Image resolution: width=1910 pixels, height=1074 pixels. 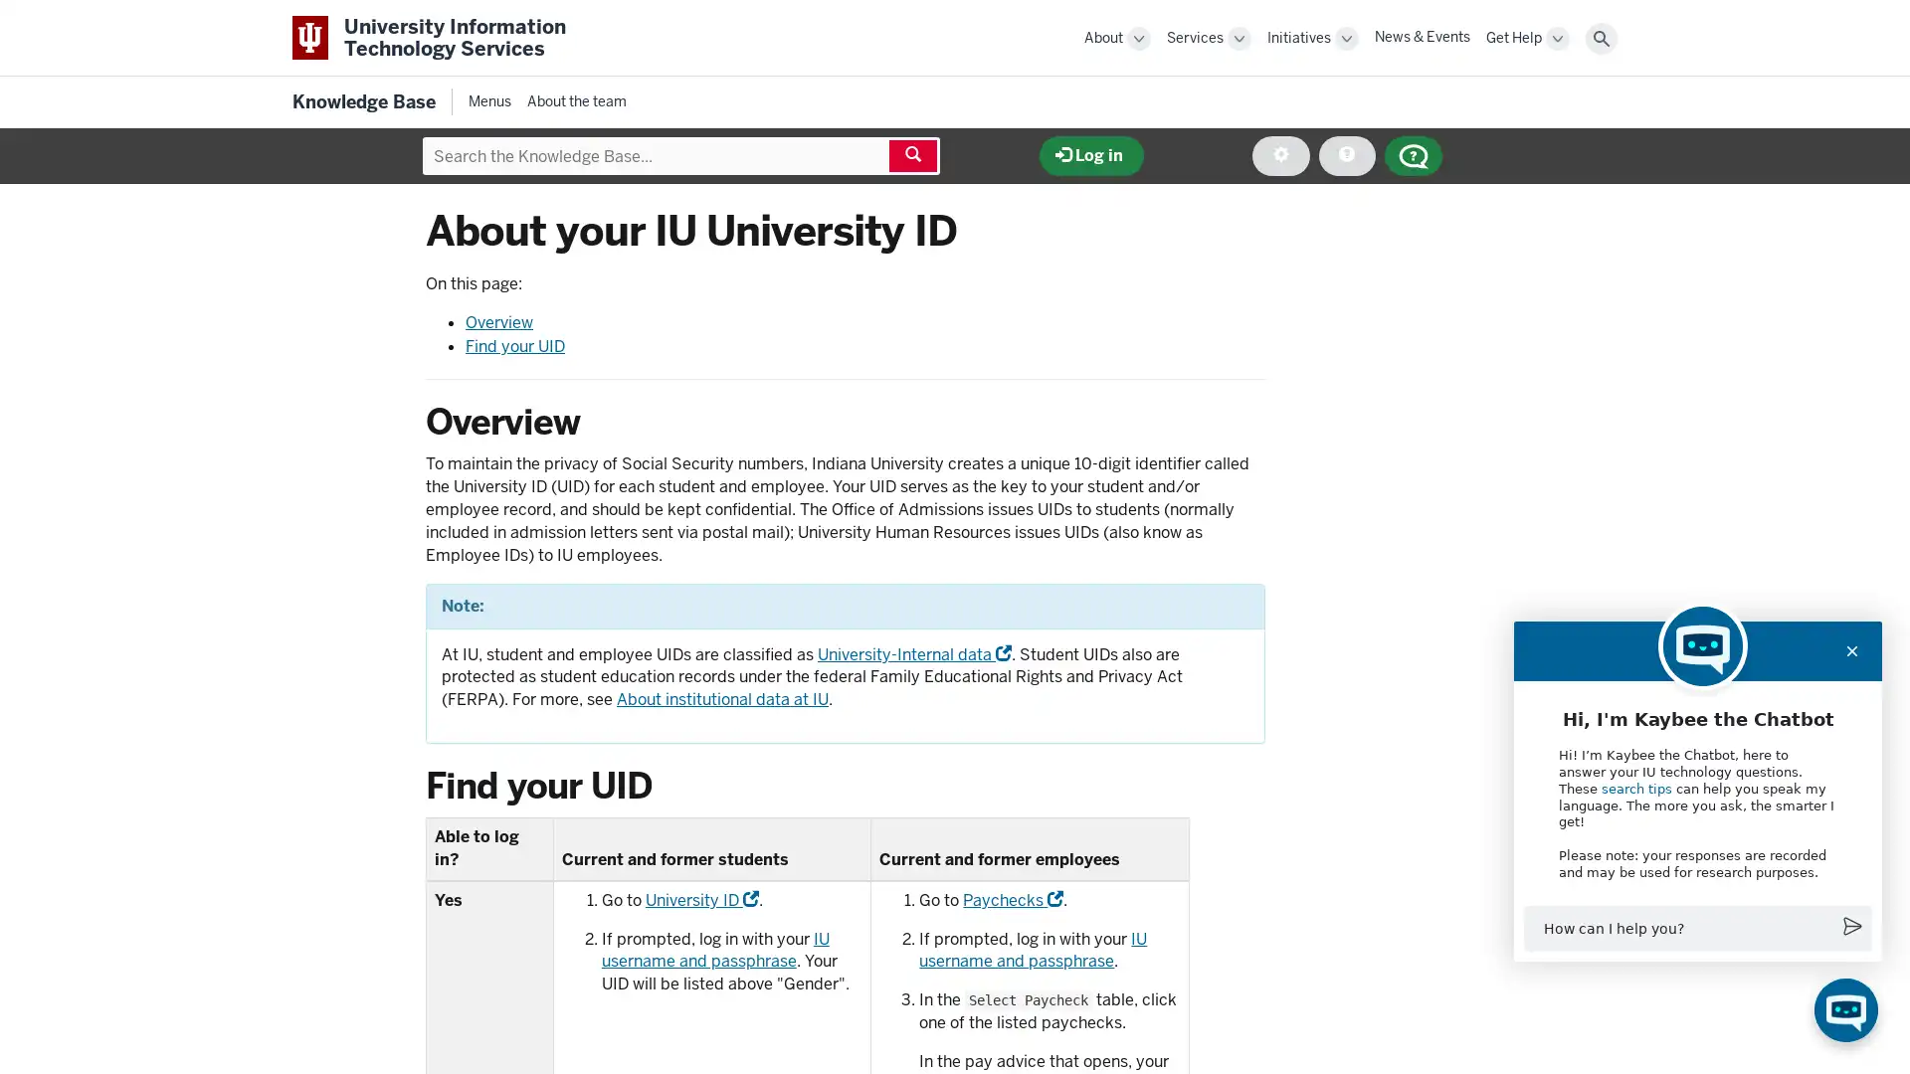 I want to click on Close chat, so click(x=1851, y=650).